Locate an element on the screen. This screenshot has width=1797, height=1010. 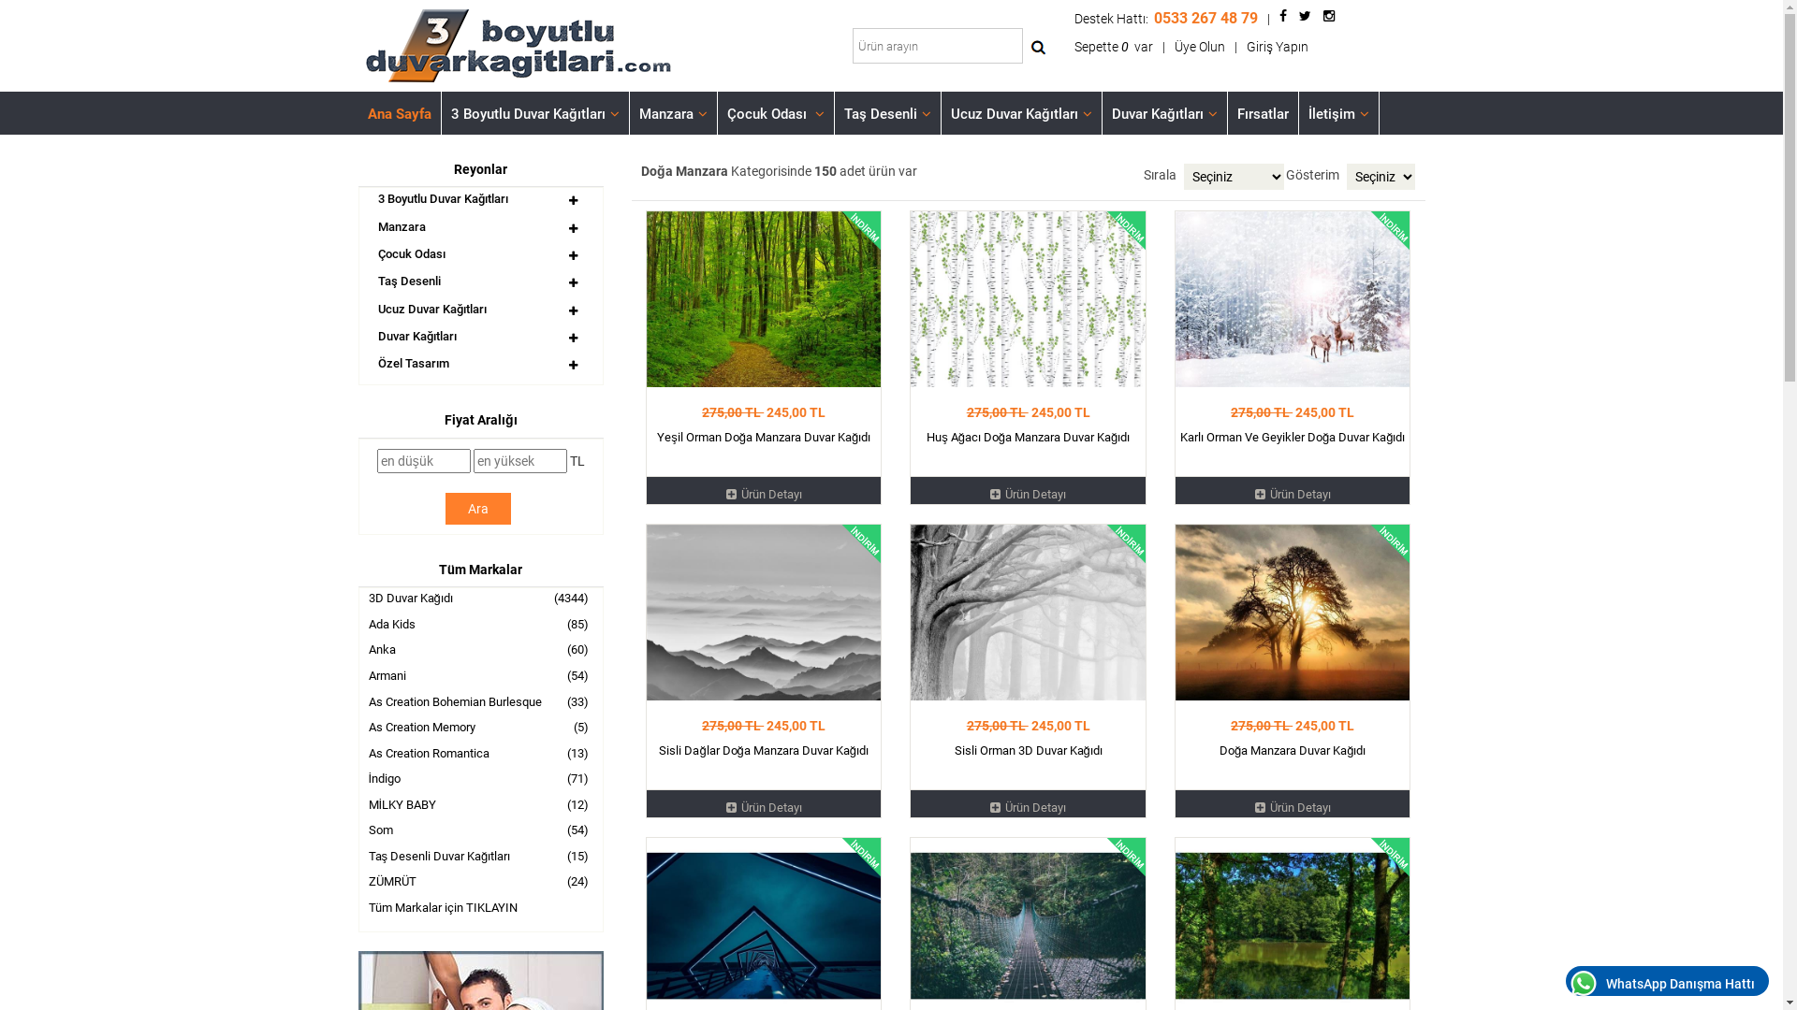
'(33) is located at coordinates (359, 703).